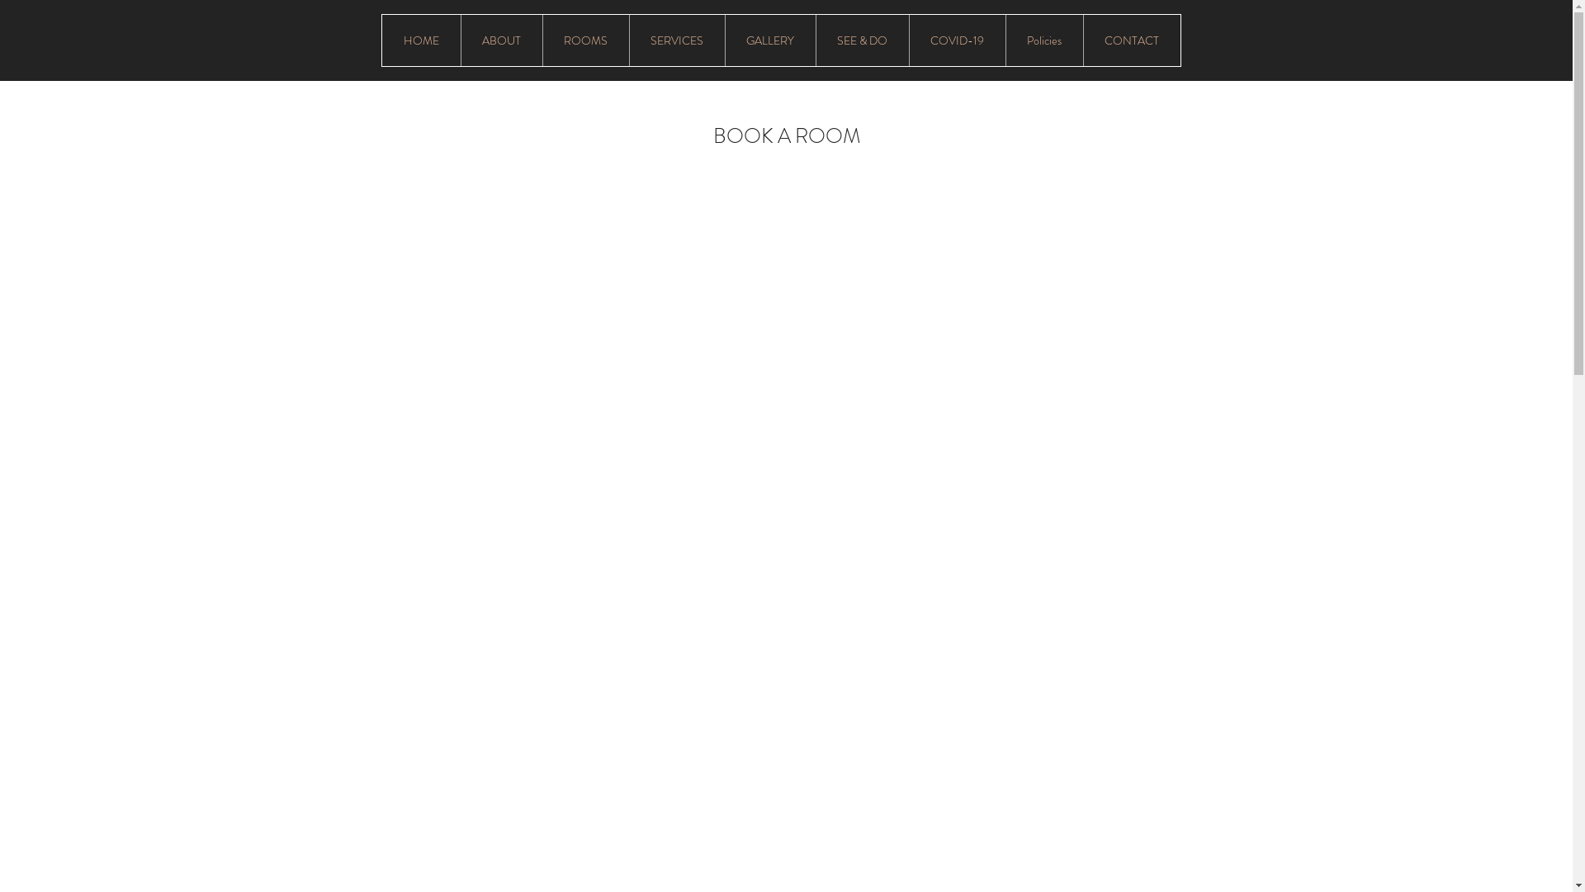 Image resolution: width=1585 pixels, height=892 pixels. What do you see at coordinates (500, 40) in the screenshot?
I see `'ABOUT'` at bounding box center [500, 40].